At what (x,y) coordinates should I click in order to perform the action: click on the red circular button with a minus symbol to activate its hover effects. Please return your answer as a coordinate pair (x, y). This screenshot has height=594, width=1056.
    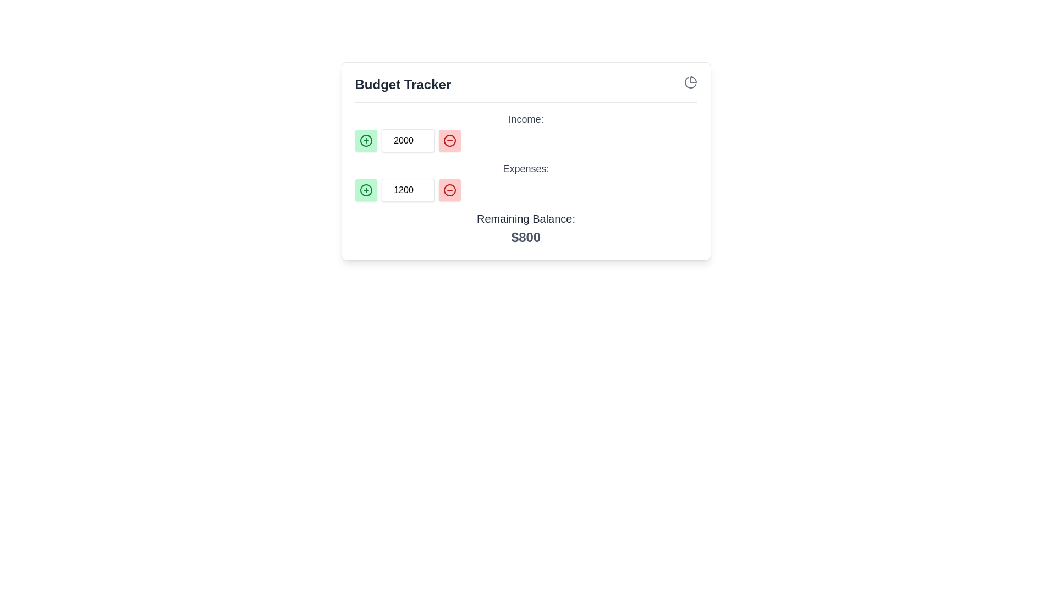
    Looking at the image, I should click on (449, 140).